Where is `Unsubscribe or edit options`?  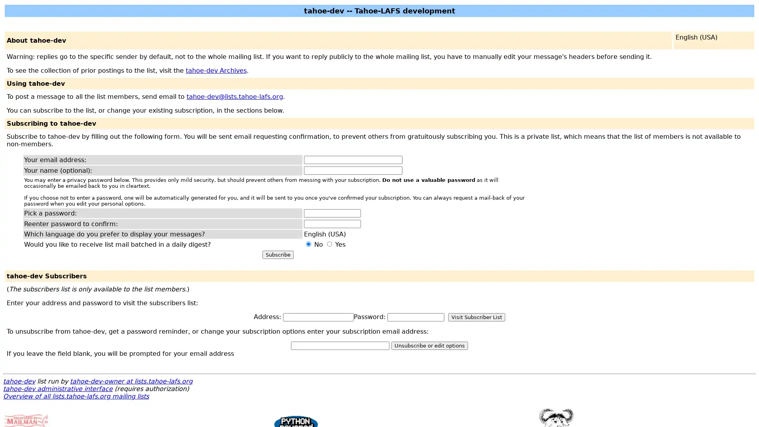 Unsubscribe or edit options is located at coordinates (429, 345).